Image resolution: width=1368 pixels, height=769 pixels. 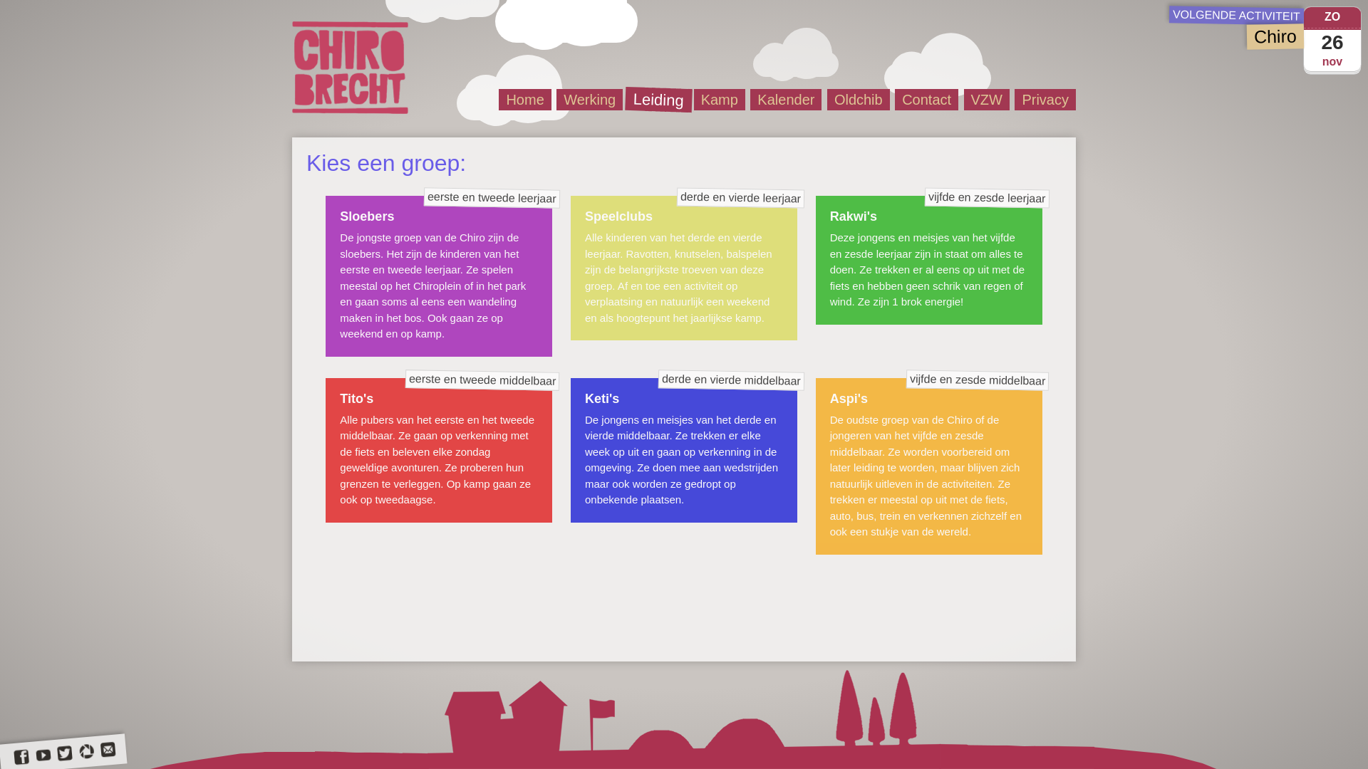 What do you see at coordinates (63, 753) in the screenshot?
I see `'Chiro Brecht op Twitter'` at bounding box center [63, 753].